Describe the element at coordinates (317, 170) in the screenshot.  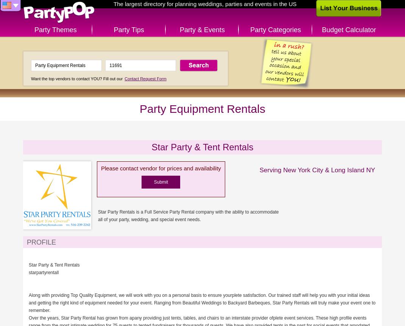
I see `'Serving New York City & Long Island NY'` at that location.